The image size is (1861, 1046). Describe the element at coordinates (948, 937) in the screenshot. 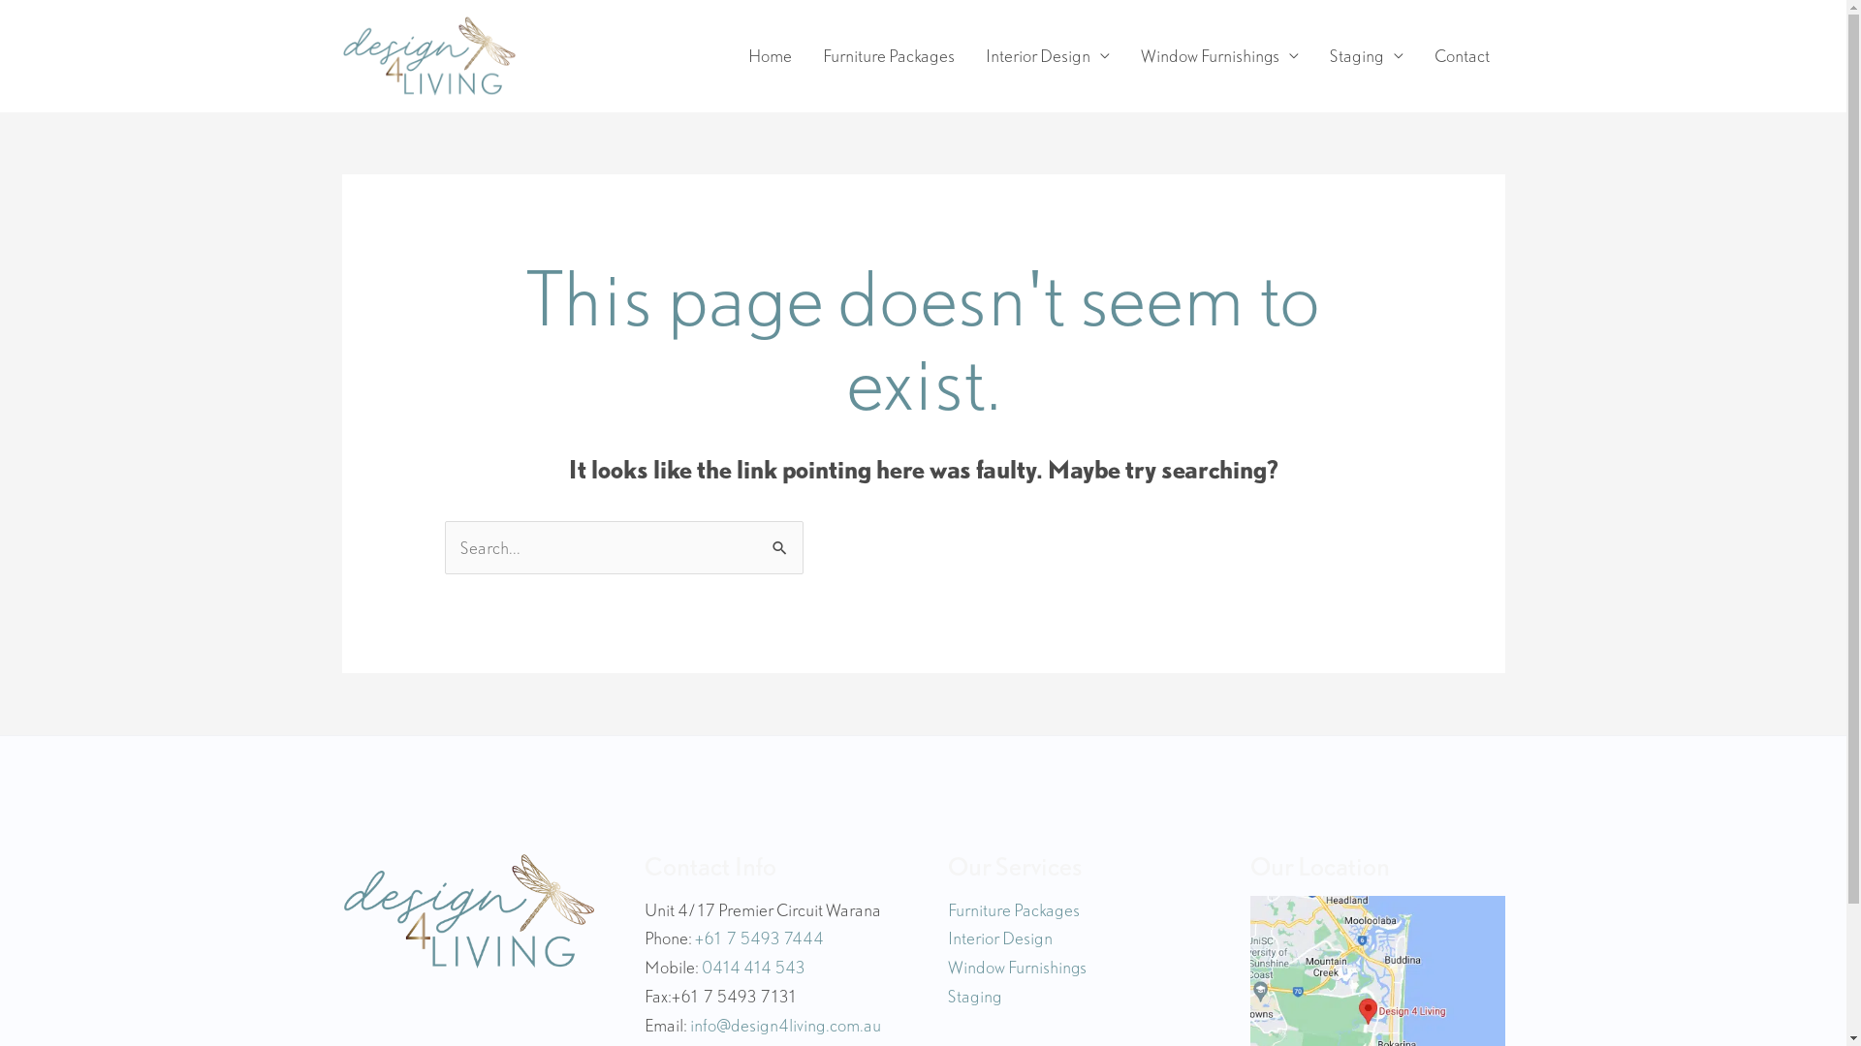

I see `'Interior Design'` at that location.